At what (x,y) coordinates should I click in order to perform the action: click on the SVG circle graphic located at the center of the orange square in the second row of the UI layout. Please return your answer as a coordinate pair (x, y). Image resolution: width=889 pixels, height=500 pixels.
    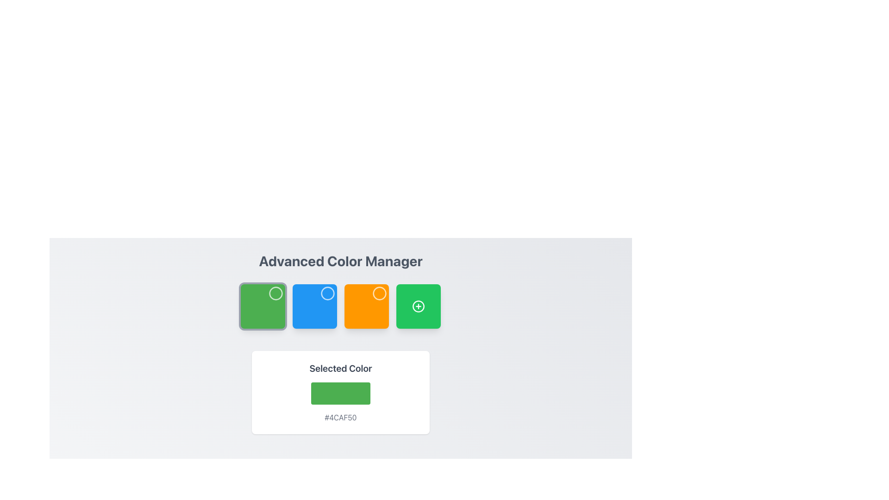
    Looking at the image, I should click on (380, 293).